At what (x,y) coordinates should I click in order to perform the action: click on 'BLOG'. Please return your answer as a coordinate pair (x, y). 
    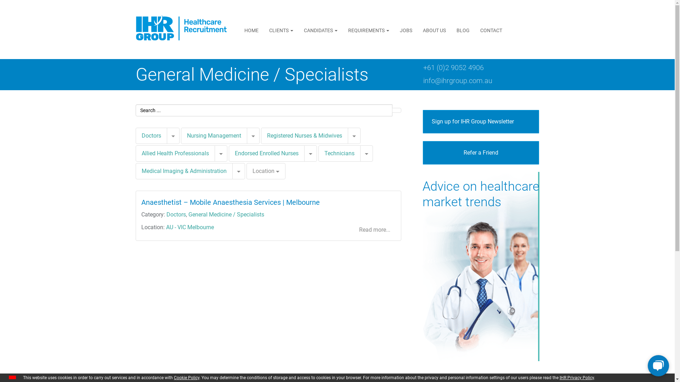
    Looking at the image, I should click on (463, 30).